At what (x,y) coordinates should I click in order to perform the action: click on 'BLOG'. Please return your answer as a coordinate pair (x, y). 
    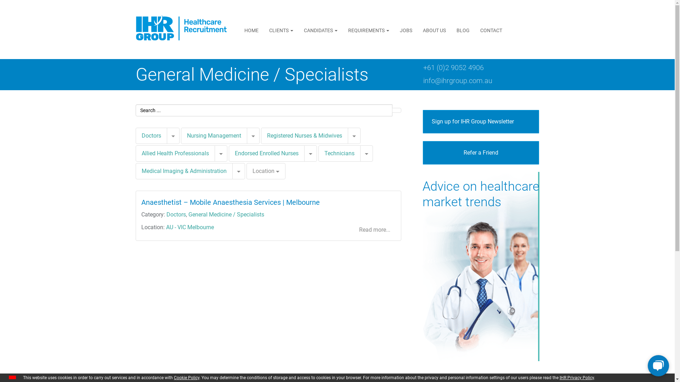
    Looking at the image, I should click on (463, 30).